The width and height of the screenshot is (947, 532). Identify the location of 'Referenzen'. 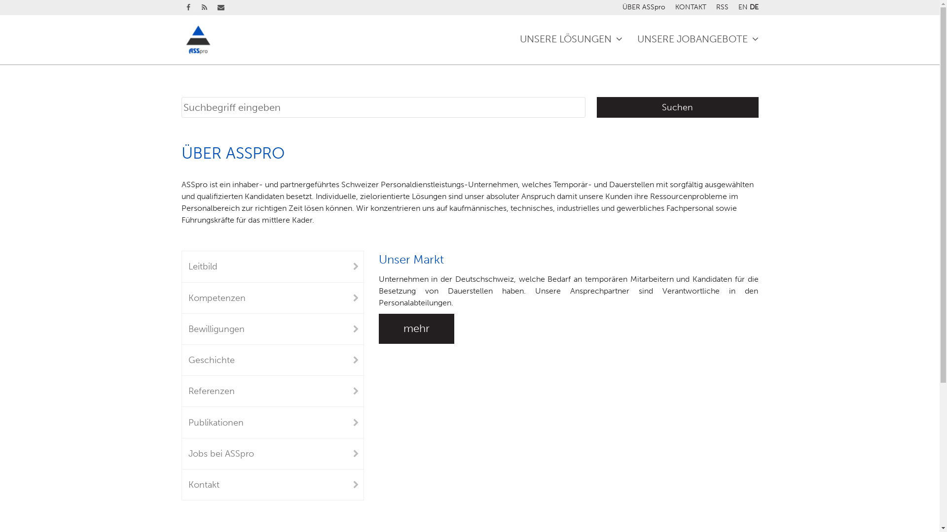
(272, 391).